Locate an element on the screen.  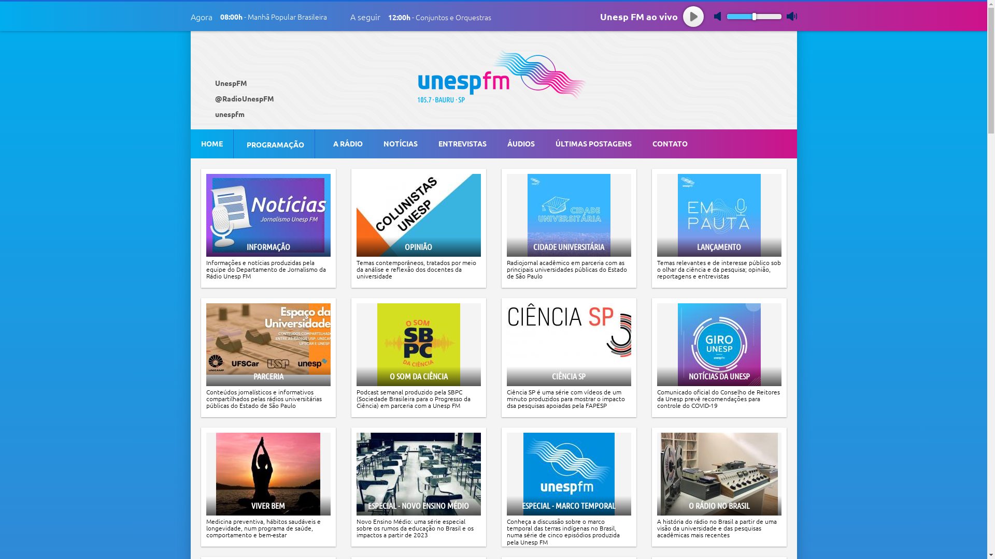
'CONTATO' is located at coordinates (669, 143).